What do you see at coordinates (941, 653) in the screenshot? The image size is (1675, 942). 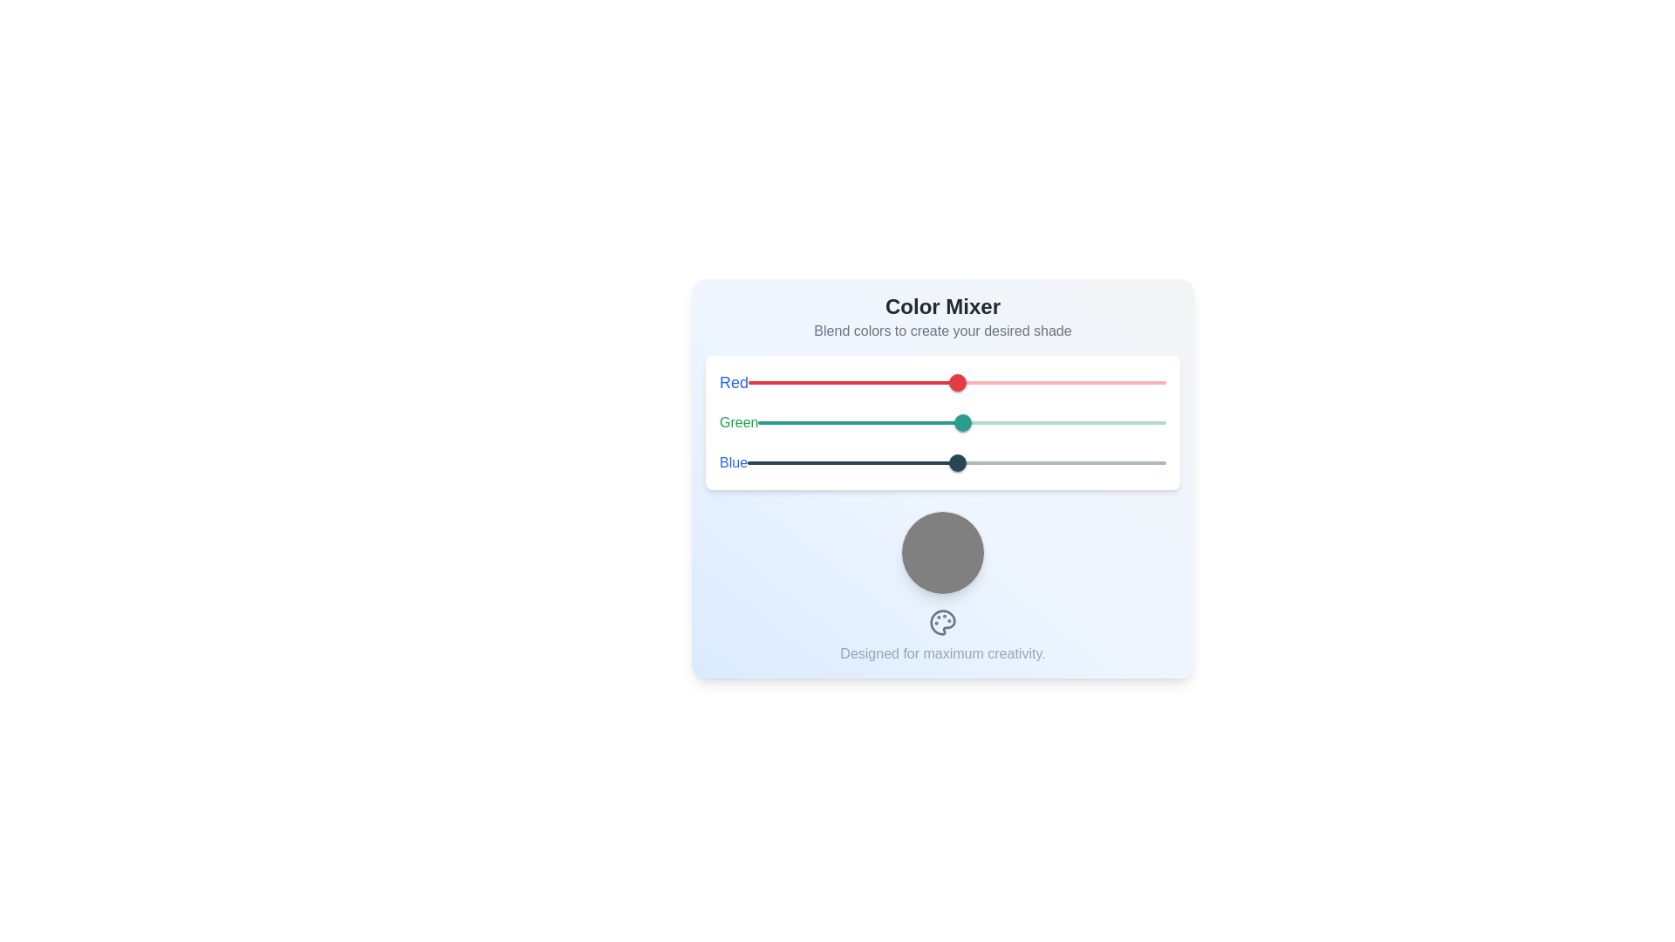 I see `the descriptive text element located below the palette icon, which enhances the context of the user interface` at bounding box center [941, 653].